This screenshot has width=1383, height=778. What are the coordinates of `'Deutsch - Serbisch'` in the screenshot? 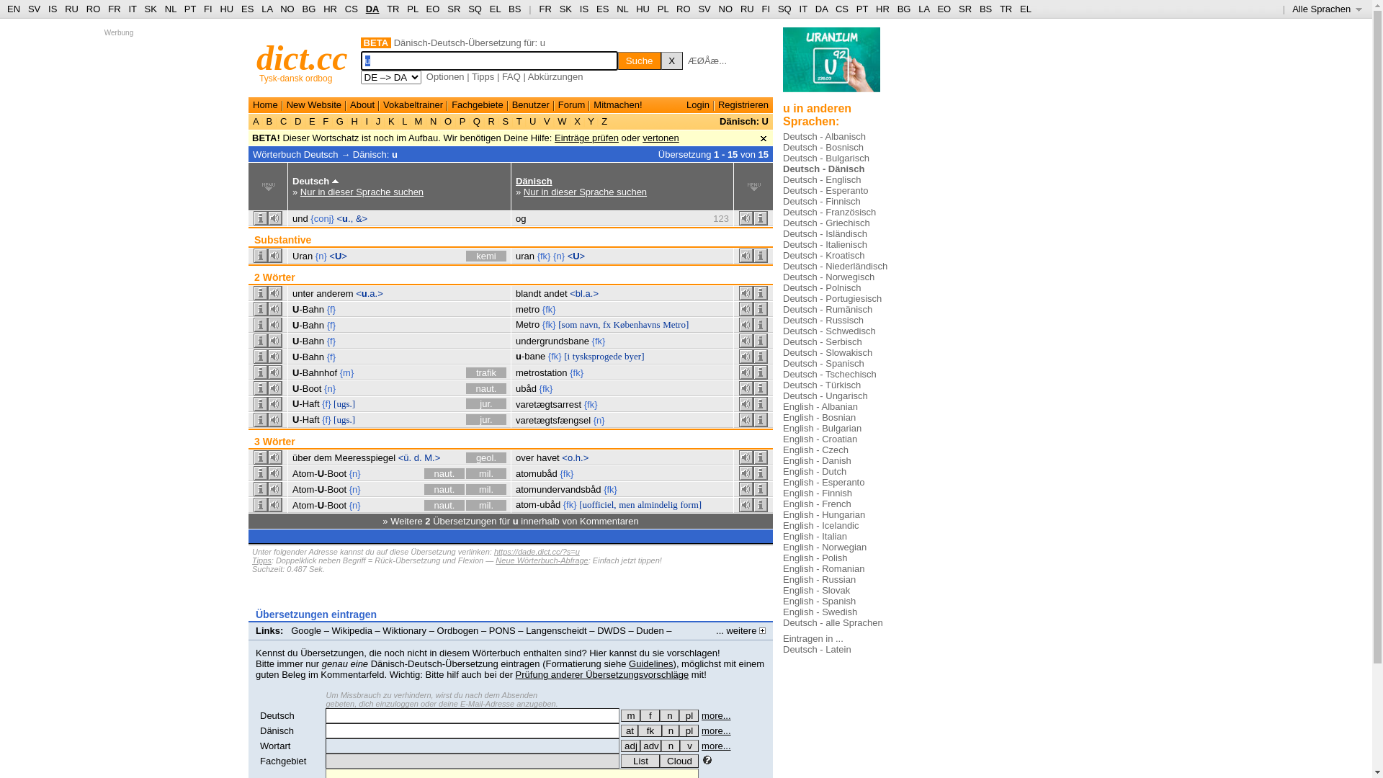 It's located at (782, 341).